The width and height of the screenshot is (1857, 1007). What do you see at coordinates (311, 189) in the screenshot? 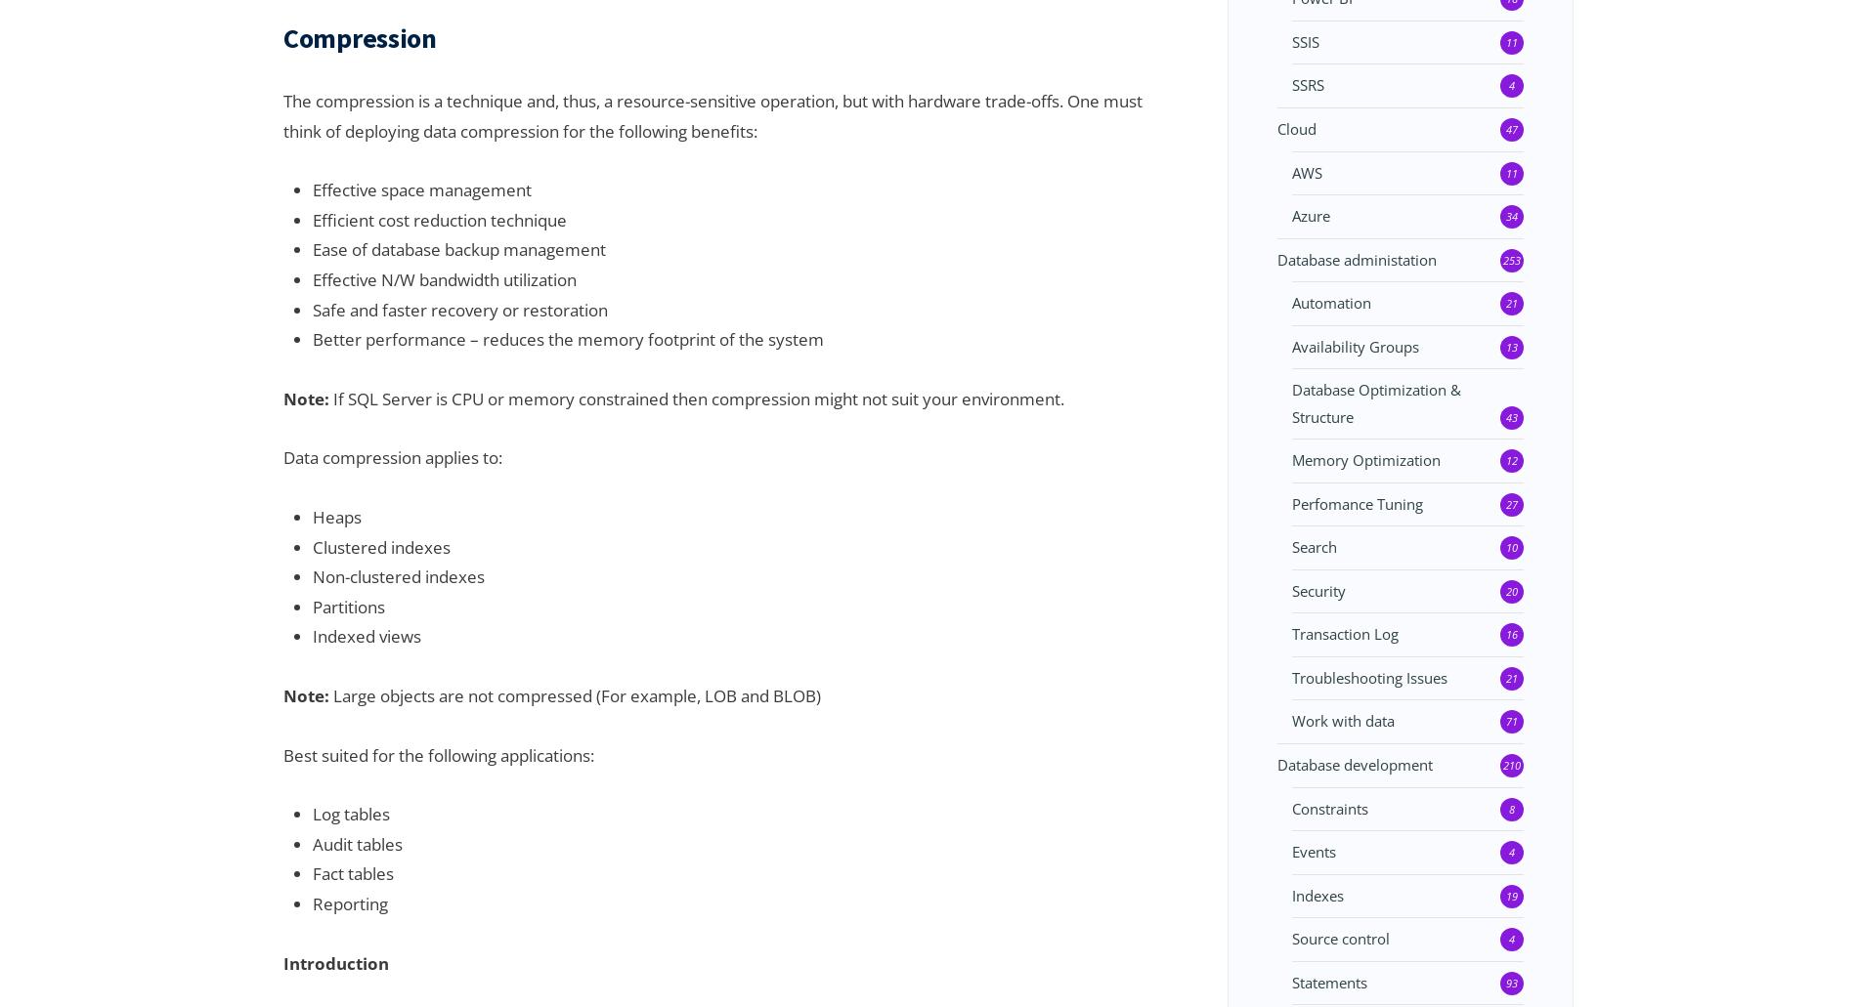
I see `'Effective space management'` at bounding box center [311, 189].